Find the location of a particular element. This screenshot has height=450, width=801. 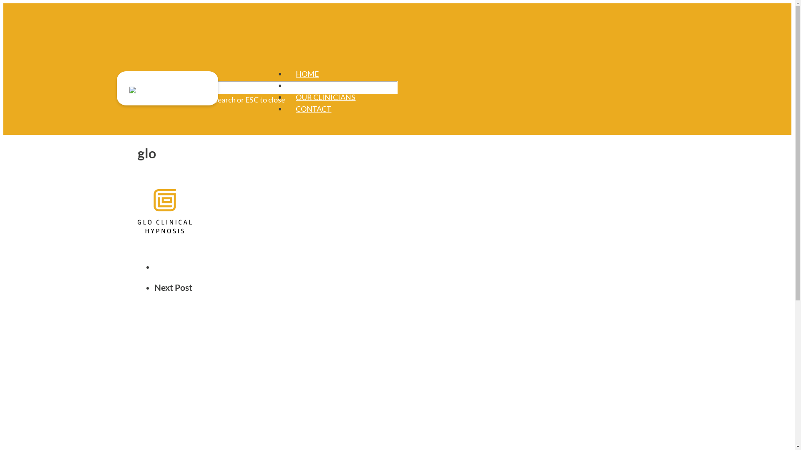

'ABOUT' is located at coordinates (308, 85).